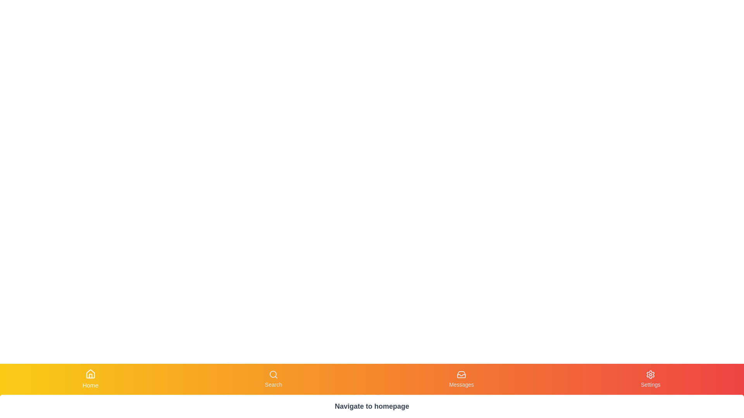 Image resolution: width=744 pixels, height=418 pixels. What do you see at coordinates (91, 379) in the screenshot?
I see `the Home tab by clicking its corresponding button` at bounding box center [91, 379].